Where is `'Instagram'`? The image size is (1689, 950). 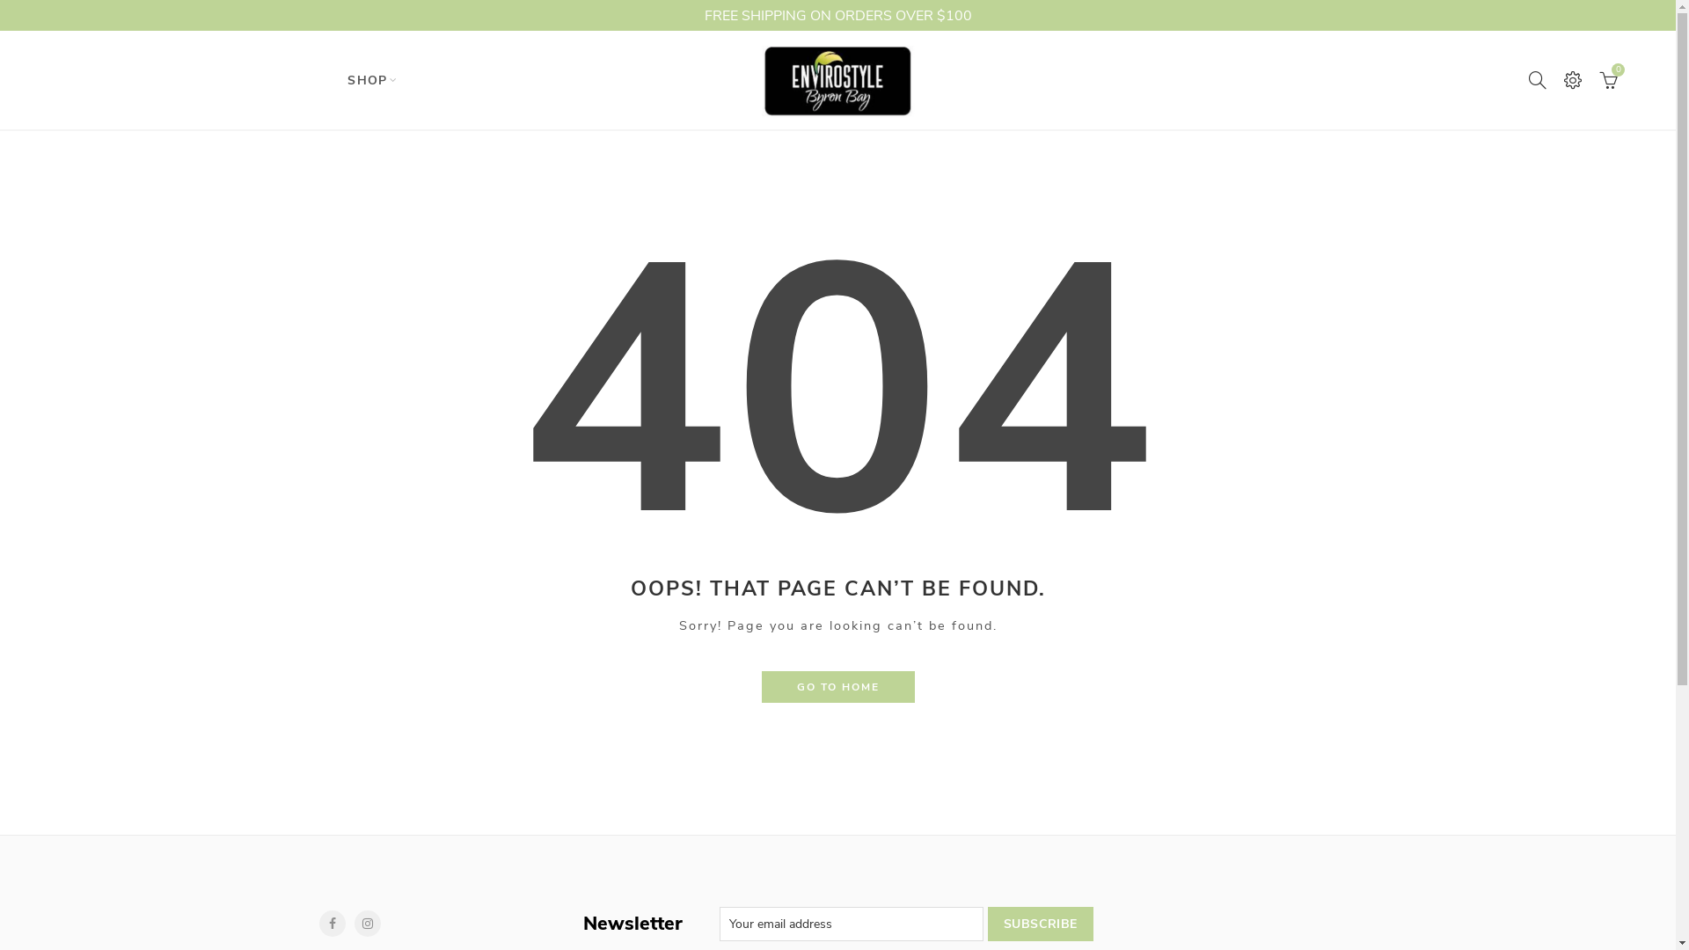 'Instagram' is located at coordinates (366, 922).